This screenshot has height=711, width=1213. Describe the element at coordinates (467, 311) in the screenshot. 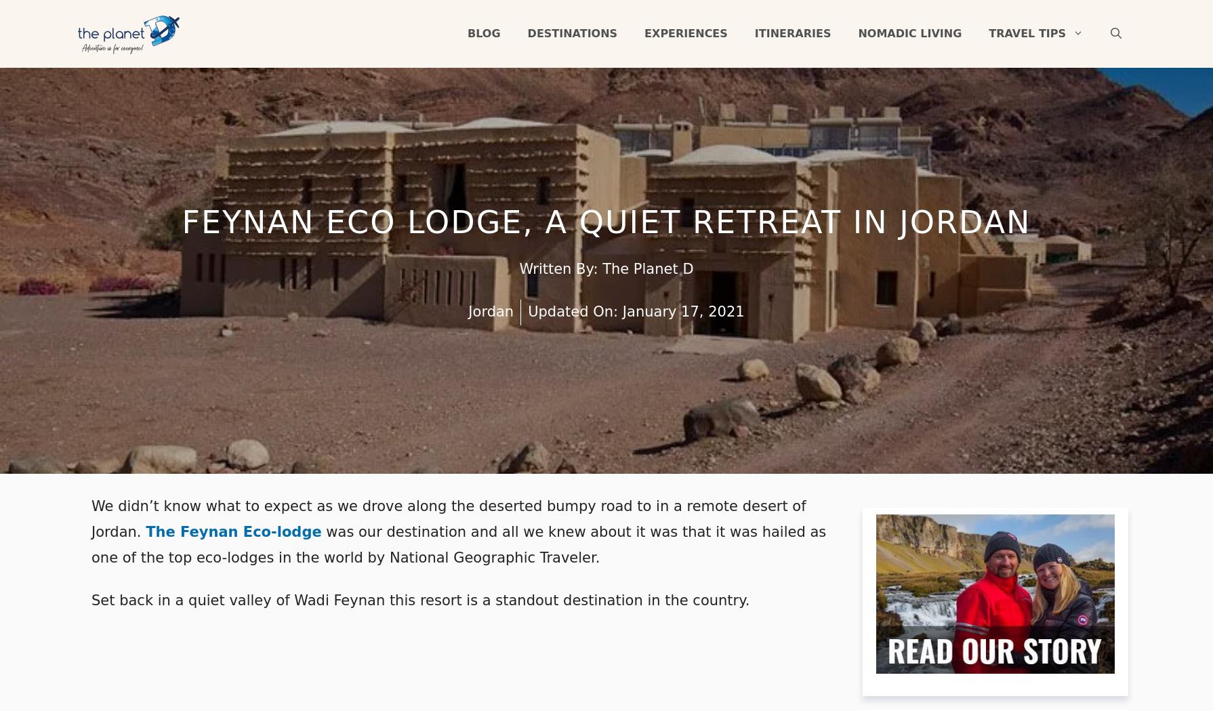

I see `'Jordan'` at that location.